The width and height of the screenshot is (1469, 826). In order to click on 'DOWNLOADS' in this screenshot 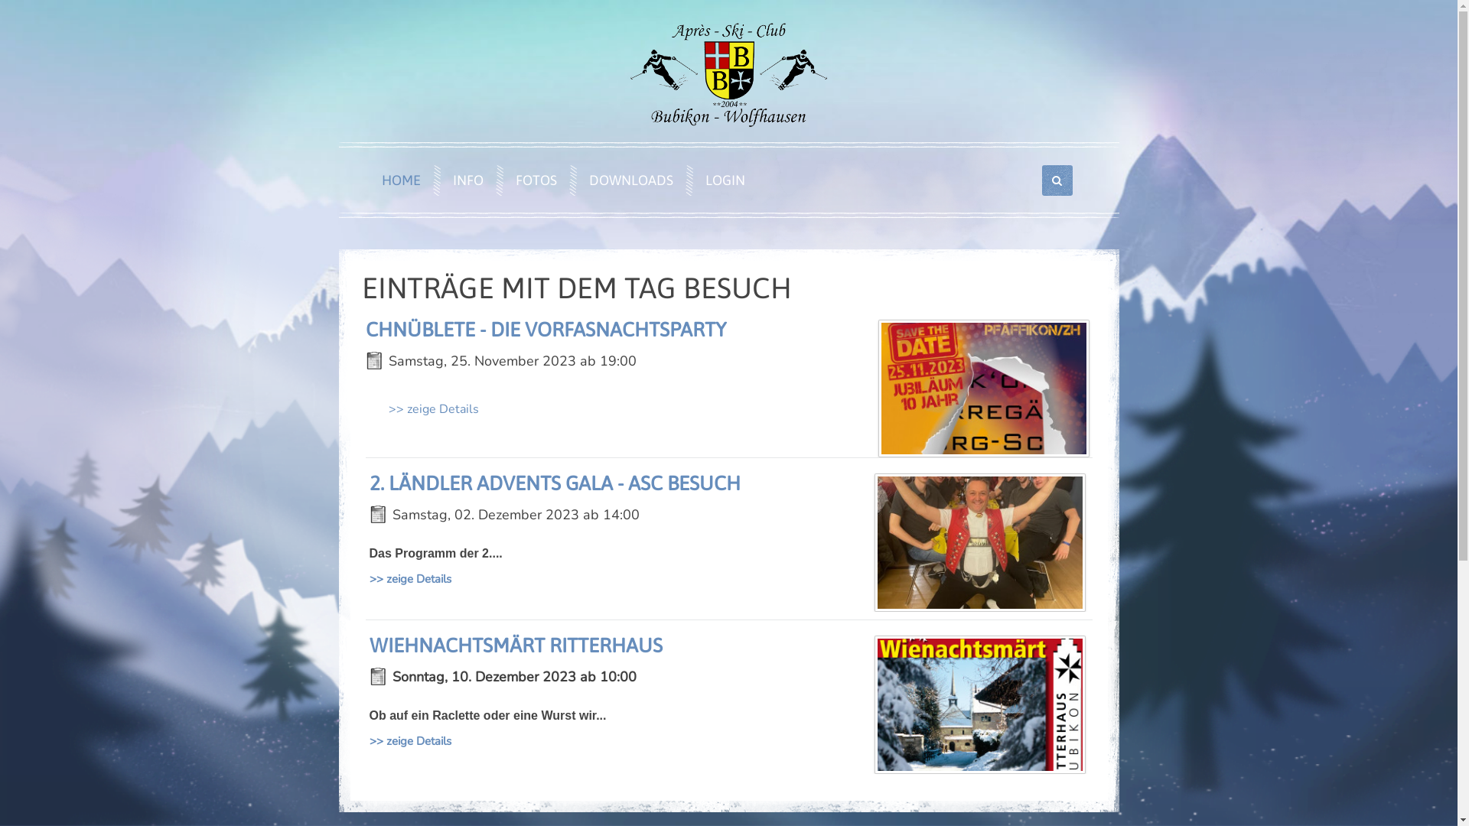, I will do `click(627, 179)`.